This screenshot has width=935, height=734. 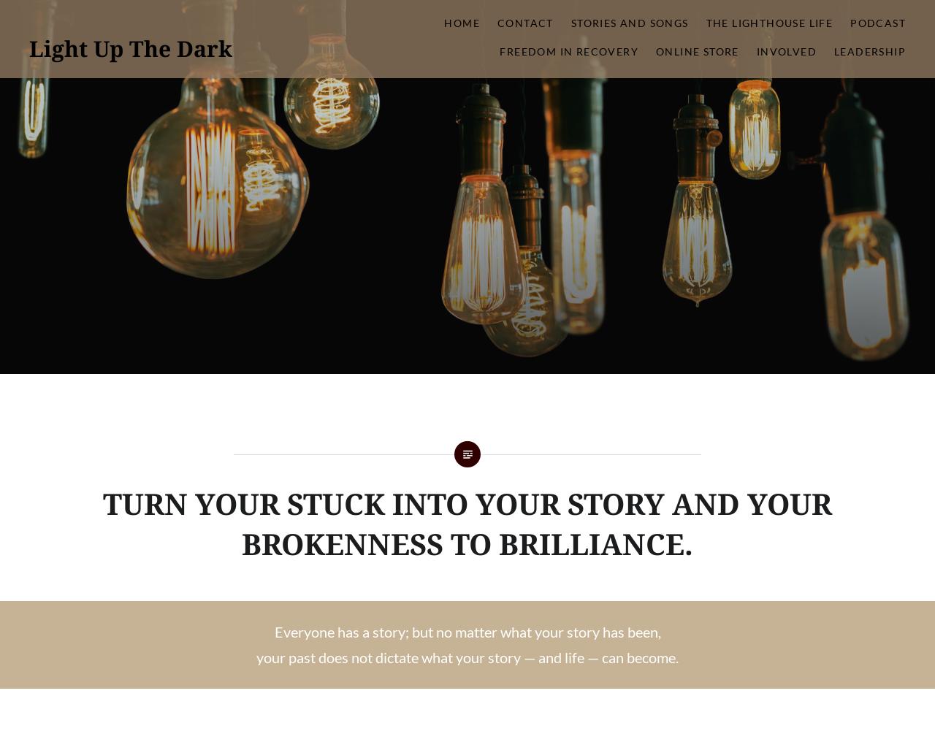 I want to click on 'Light Up The Dark', so click(x=130, y=48).